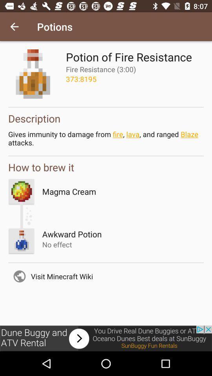 This screenshot has width=212, height=376. Describe the element at coordinates (106, 338) in the screenshot. I see `click the dune buggy advertisement` at that location.